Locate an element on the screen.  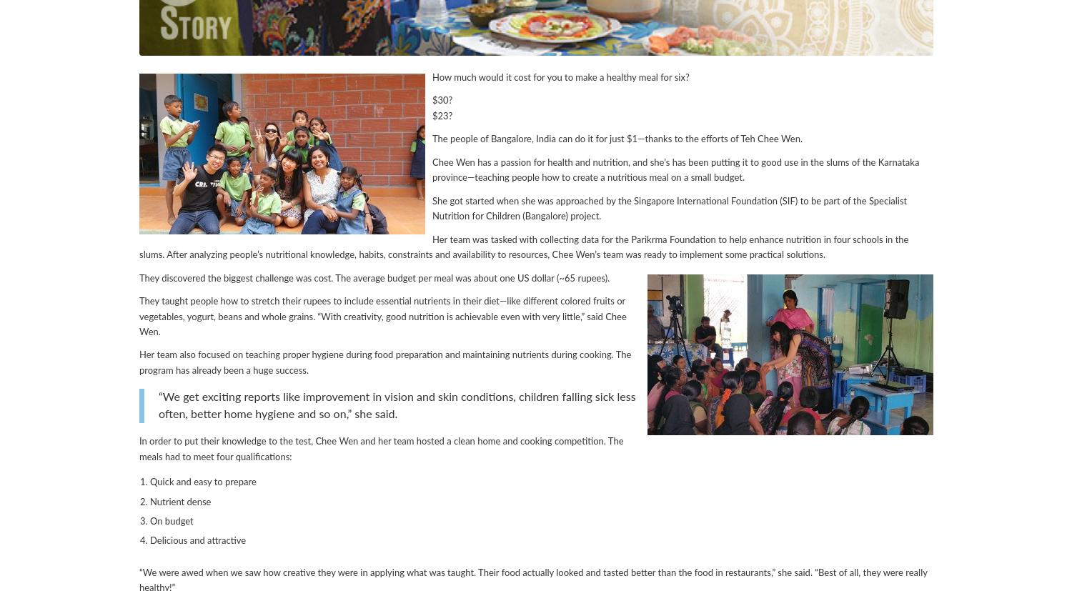
'They taught people how to stretch their rupees to include essential nutrients in their diet—like different colored fruits or vegetables, yogurt, beans and whole grains. “With creativity, good nutrition is achievable even with very little,” said Chee Wen.' is located at coordinates (382, 317).